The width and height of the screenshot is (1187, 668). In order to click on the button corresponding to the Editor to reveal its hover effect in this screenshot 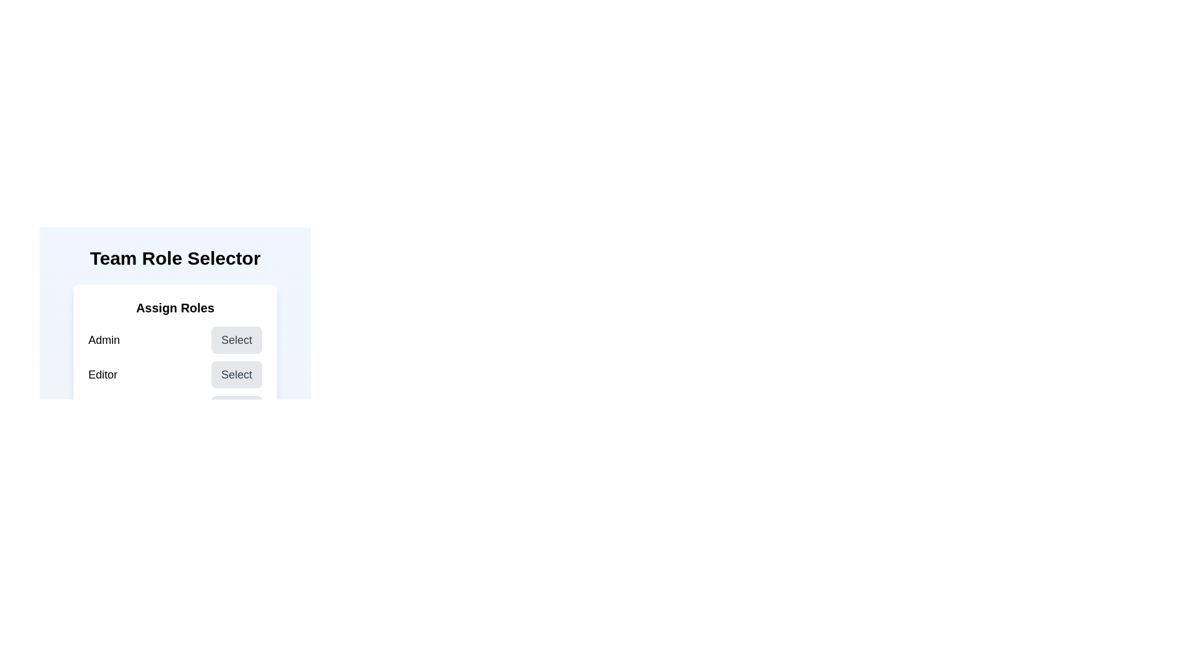, I will do `click(237, 374)`.